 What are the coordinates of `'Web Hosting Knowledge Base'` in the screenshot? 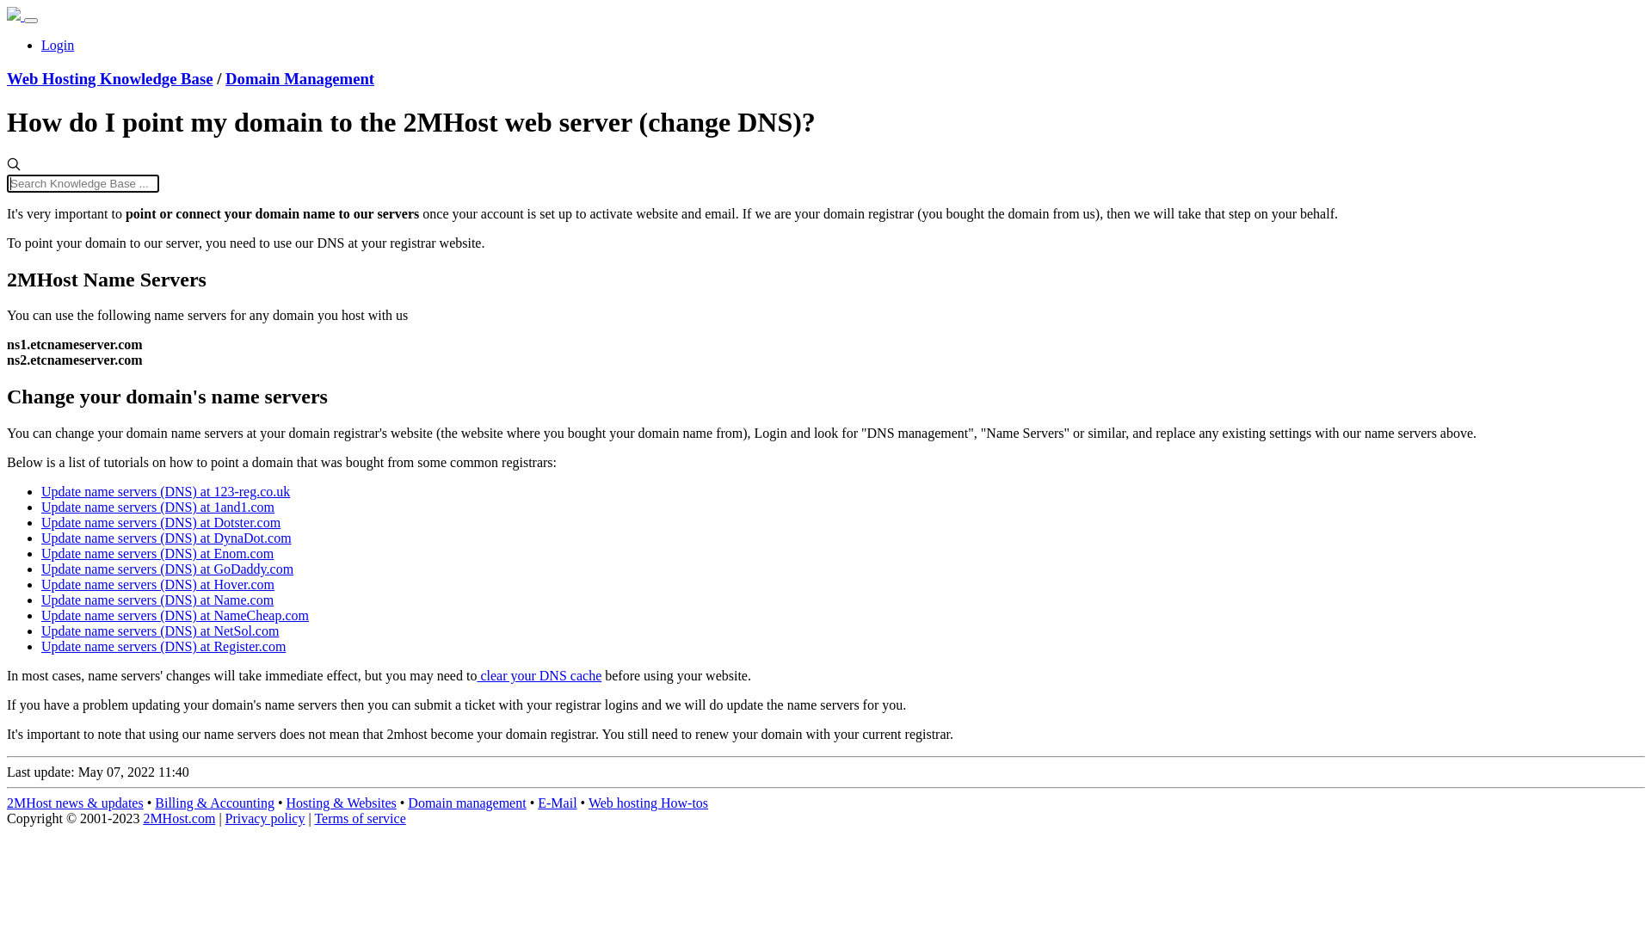 It's located at (109, 78).